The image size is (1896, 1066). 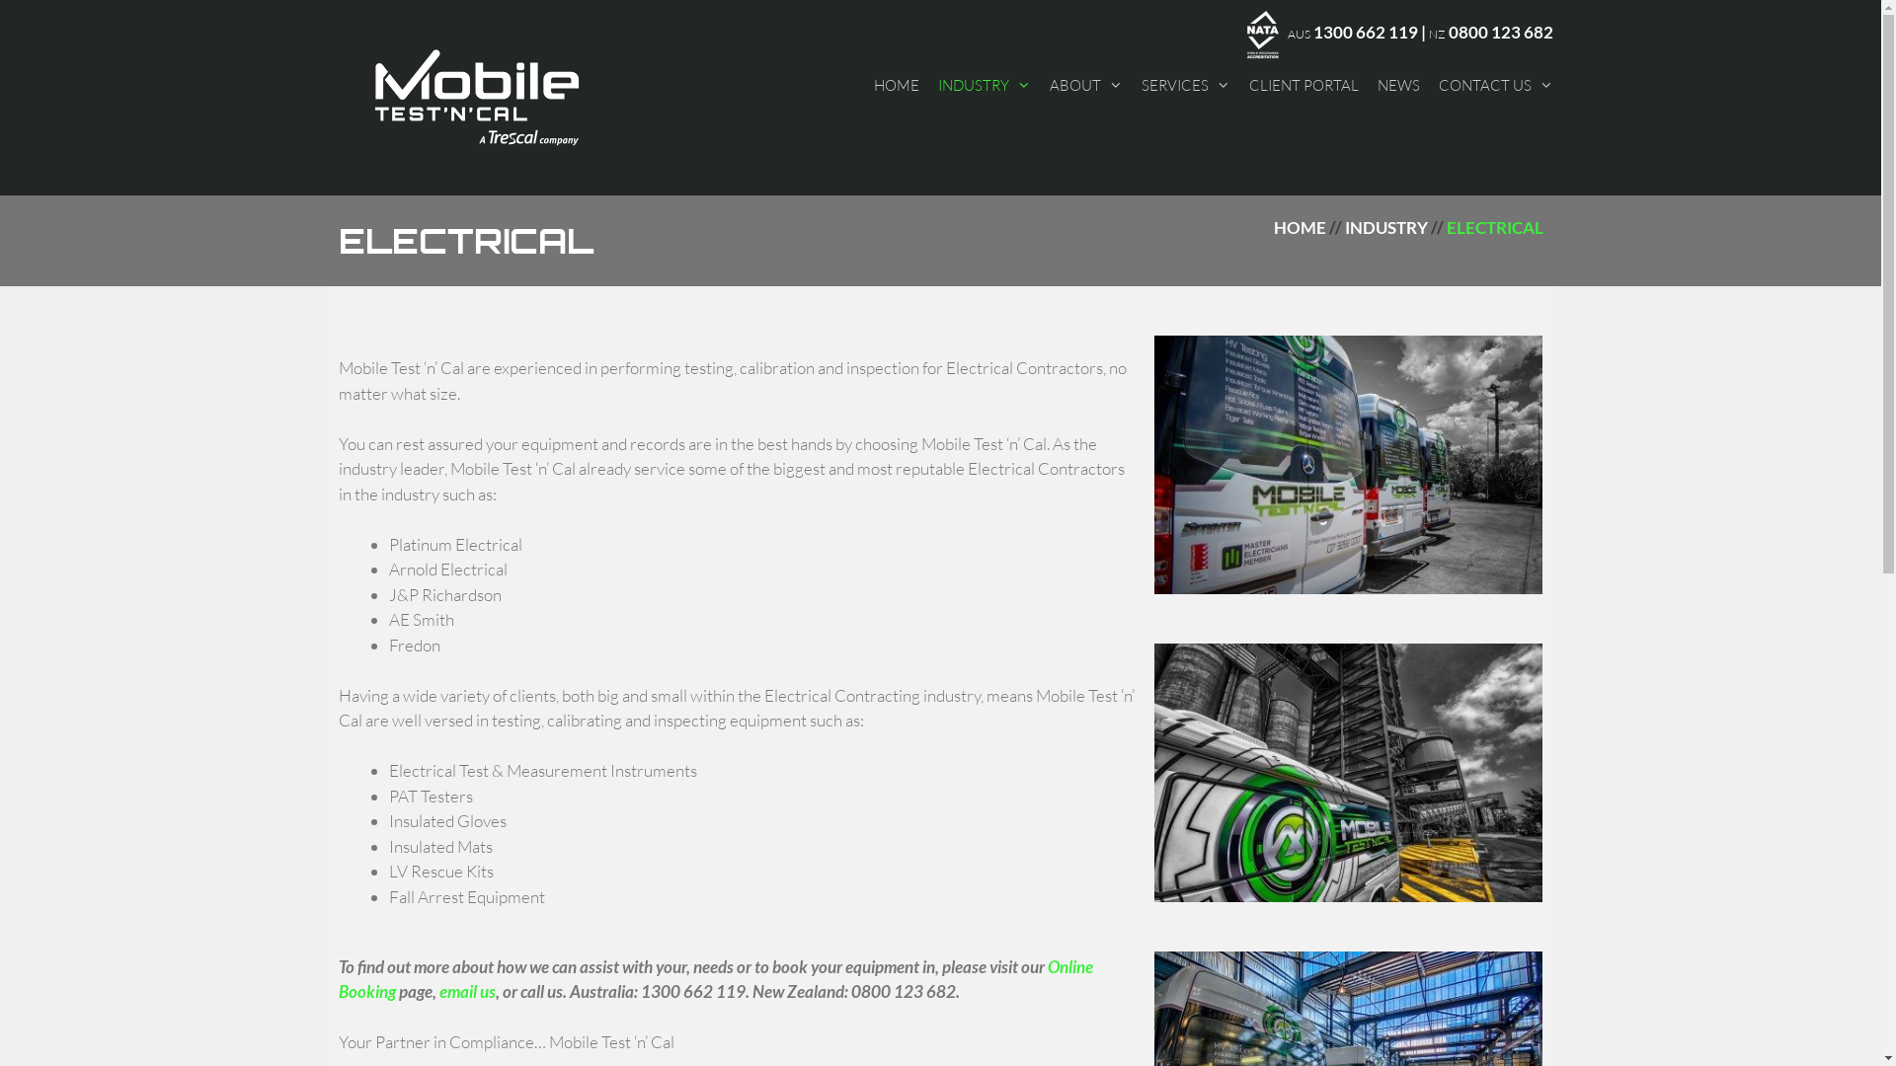 What do you see at coordinates (1437, 83) in the screenshot?
I see `'CONTACT US'` at bounding box center [1437, 83].